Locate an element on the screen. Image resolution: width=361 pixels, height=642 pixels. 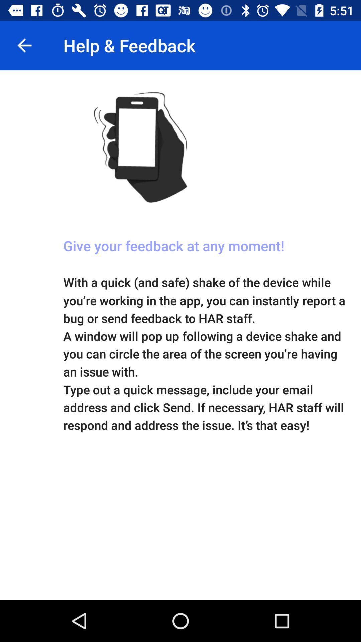
the item to the left of help & feedback is located at coordinates (24, 45).